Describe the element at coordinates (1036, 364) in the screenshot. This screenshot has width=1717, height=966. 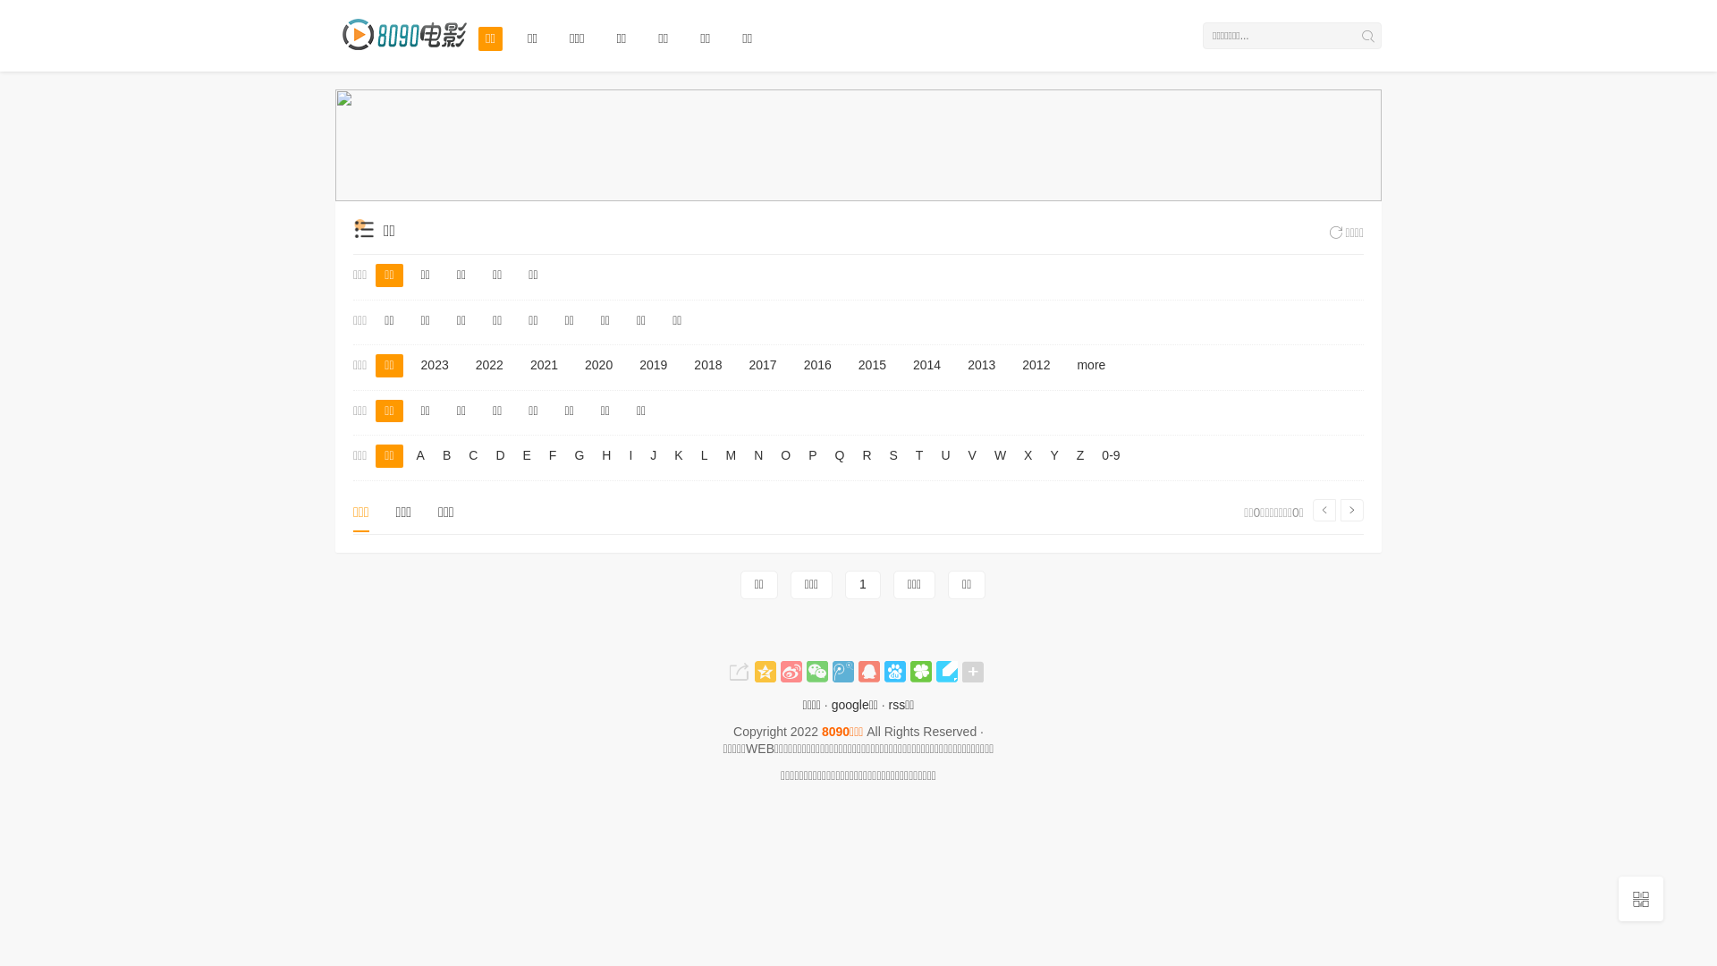
I see `'2012'` at that location.